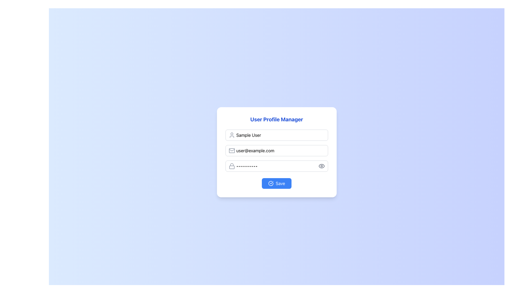 The width and height of the screenshot is (513, 288). I want to click on the lower part of the lock icon representing security, located to the left of the password input field in the user settings interface, so click(232, 167).